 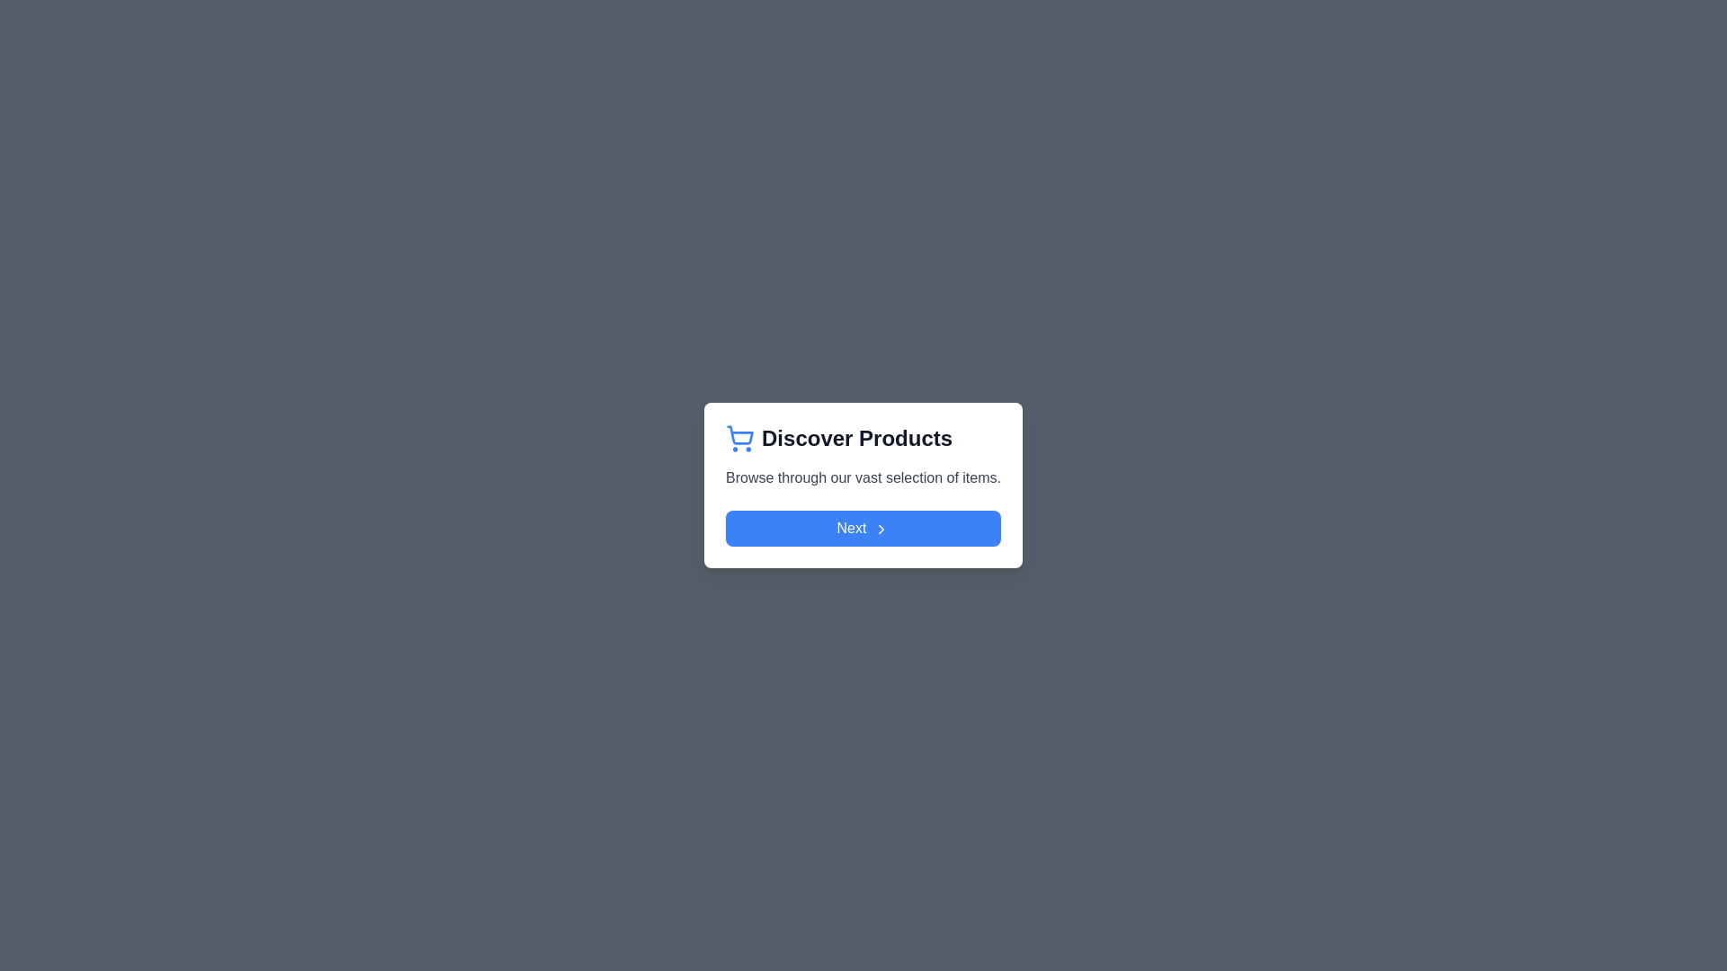 What do you see at coordinates (863, 439) in the screenshot?
I see `the heading with a decorative icon located at the top of the white card interface, which invites the user to browse products` at bounding box center [863, 439].